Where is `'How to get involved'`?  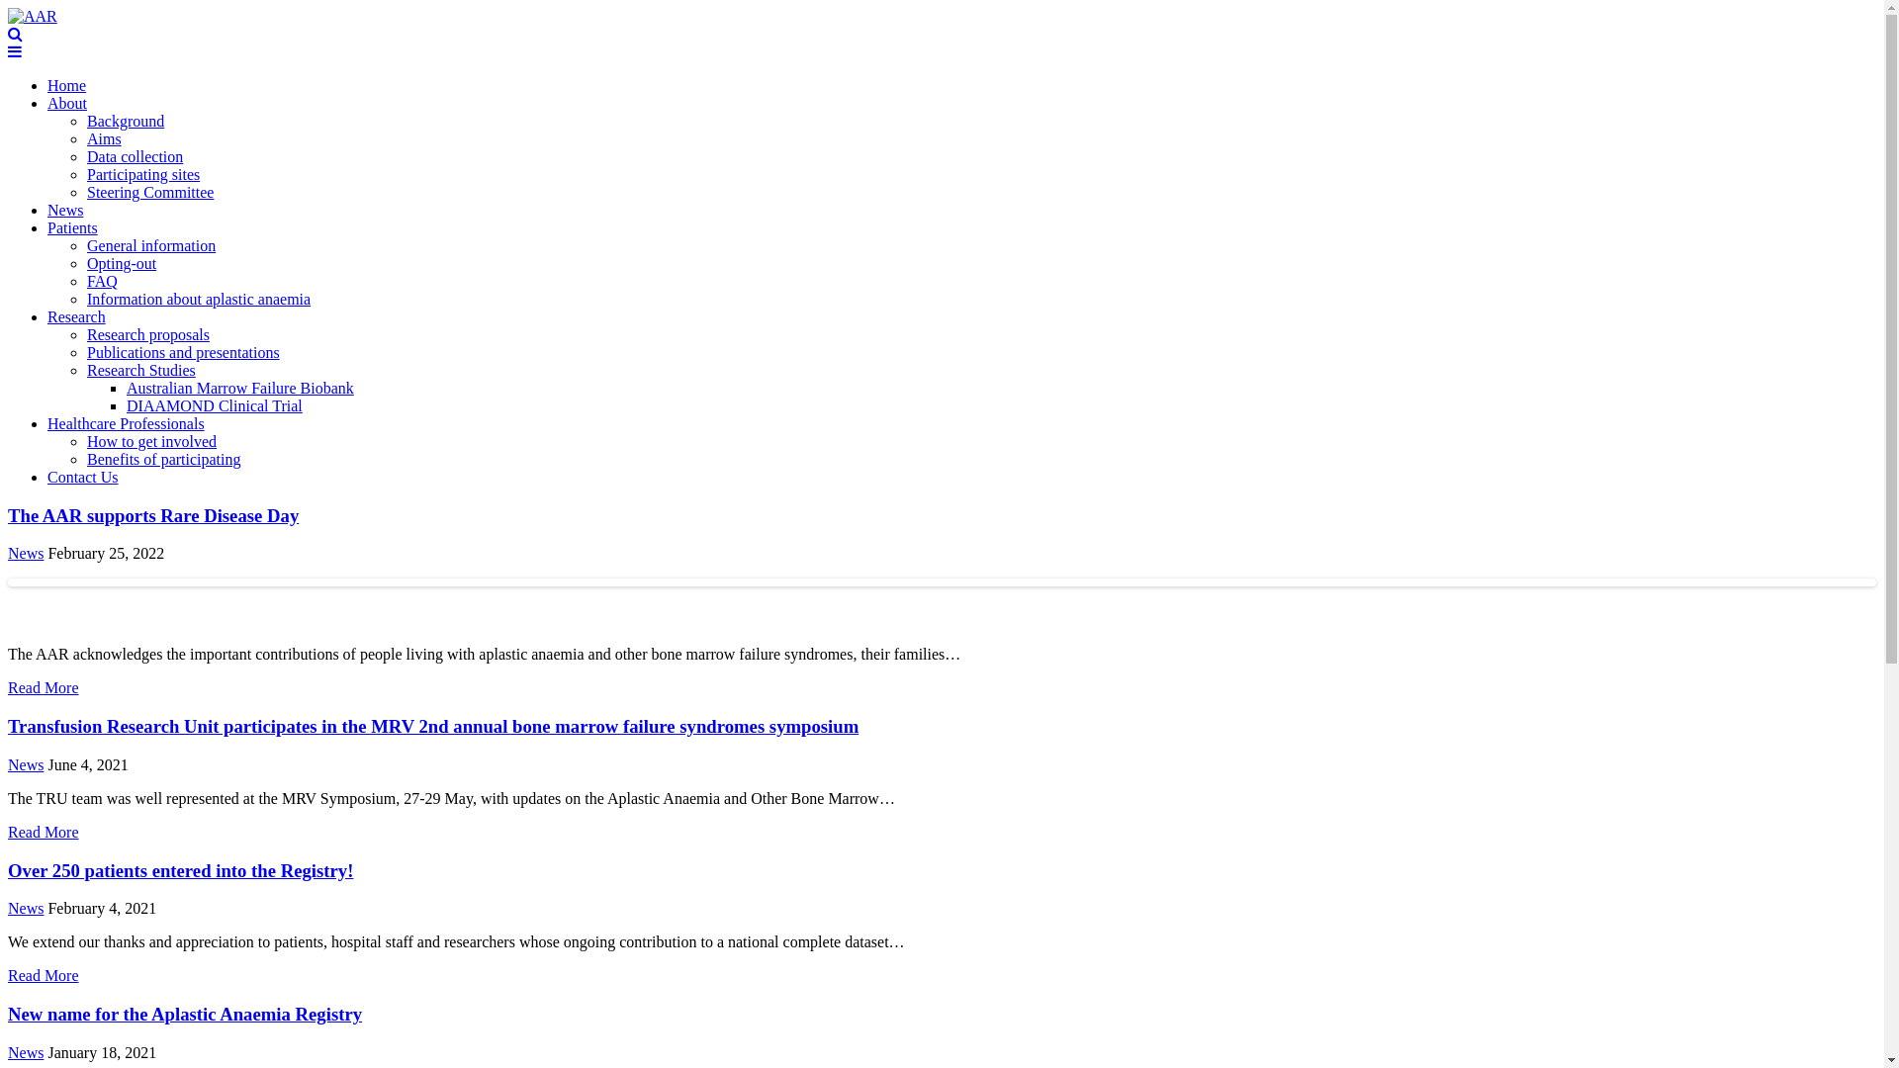
'How to get involved' is located at coordinates (150, 440).